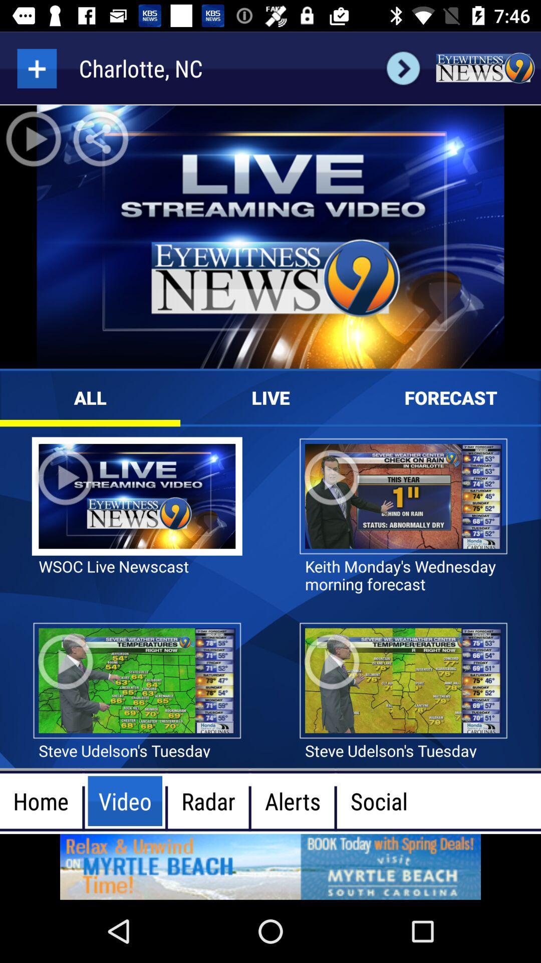 The image size is (541, 963). What do you see at coordinates (403, 68) in the screenshot?
I see `the arrow_forward icon` at bounding box center [403, 68].